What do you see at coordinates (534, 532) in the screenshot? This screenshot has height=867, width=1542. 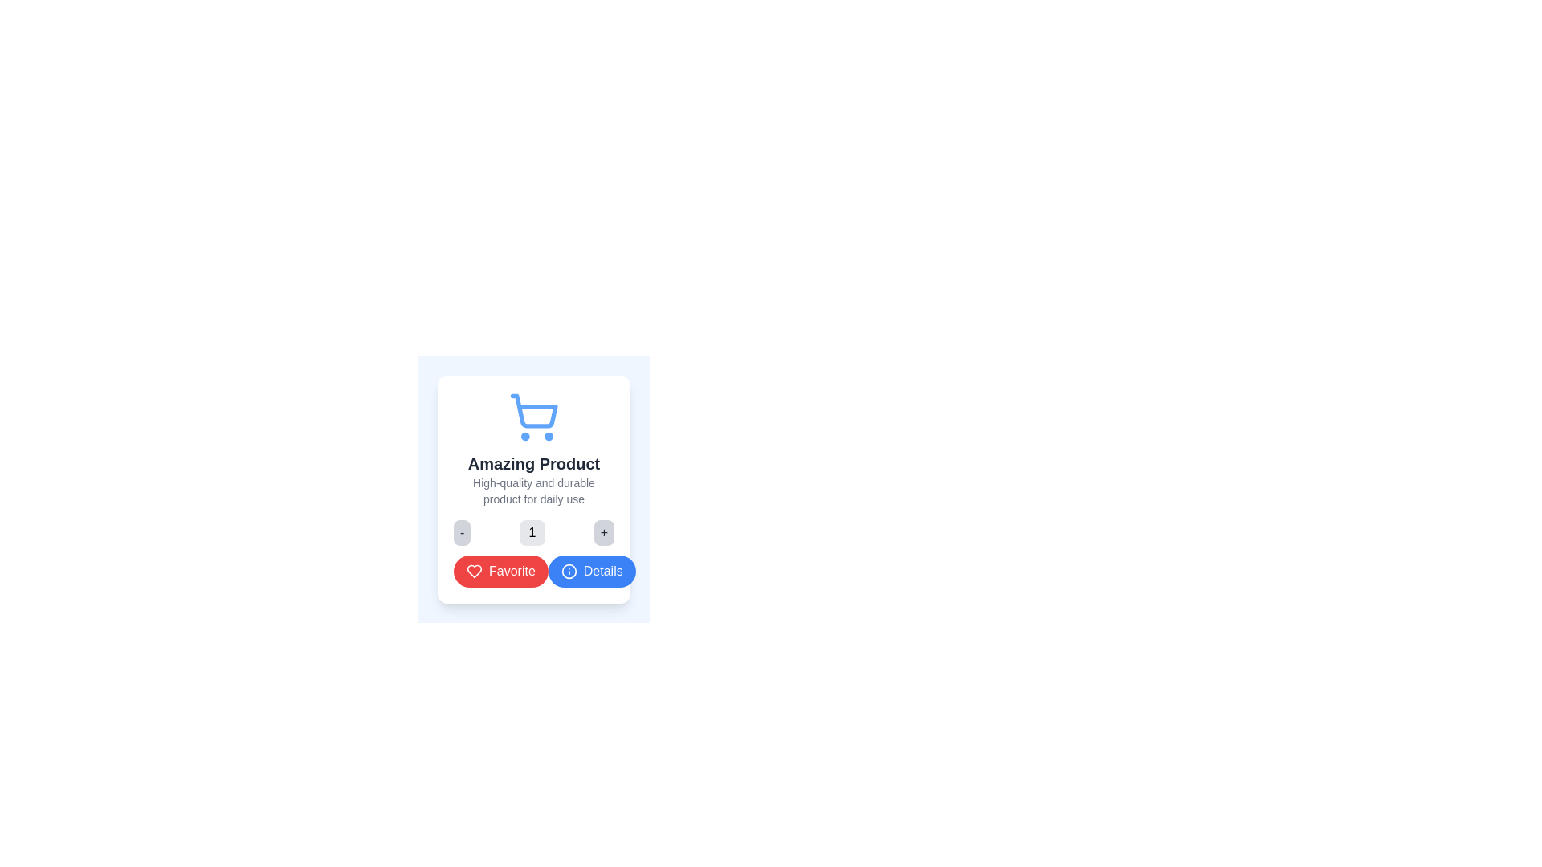 I see `the '+' button of the Stepper control located below the product description to increase the value` at bounding box center [534, 532].